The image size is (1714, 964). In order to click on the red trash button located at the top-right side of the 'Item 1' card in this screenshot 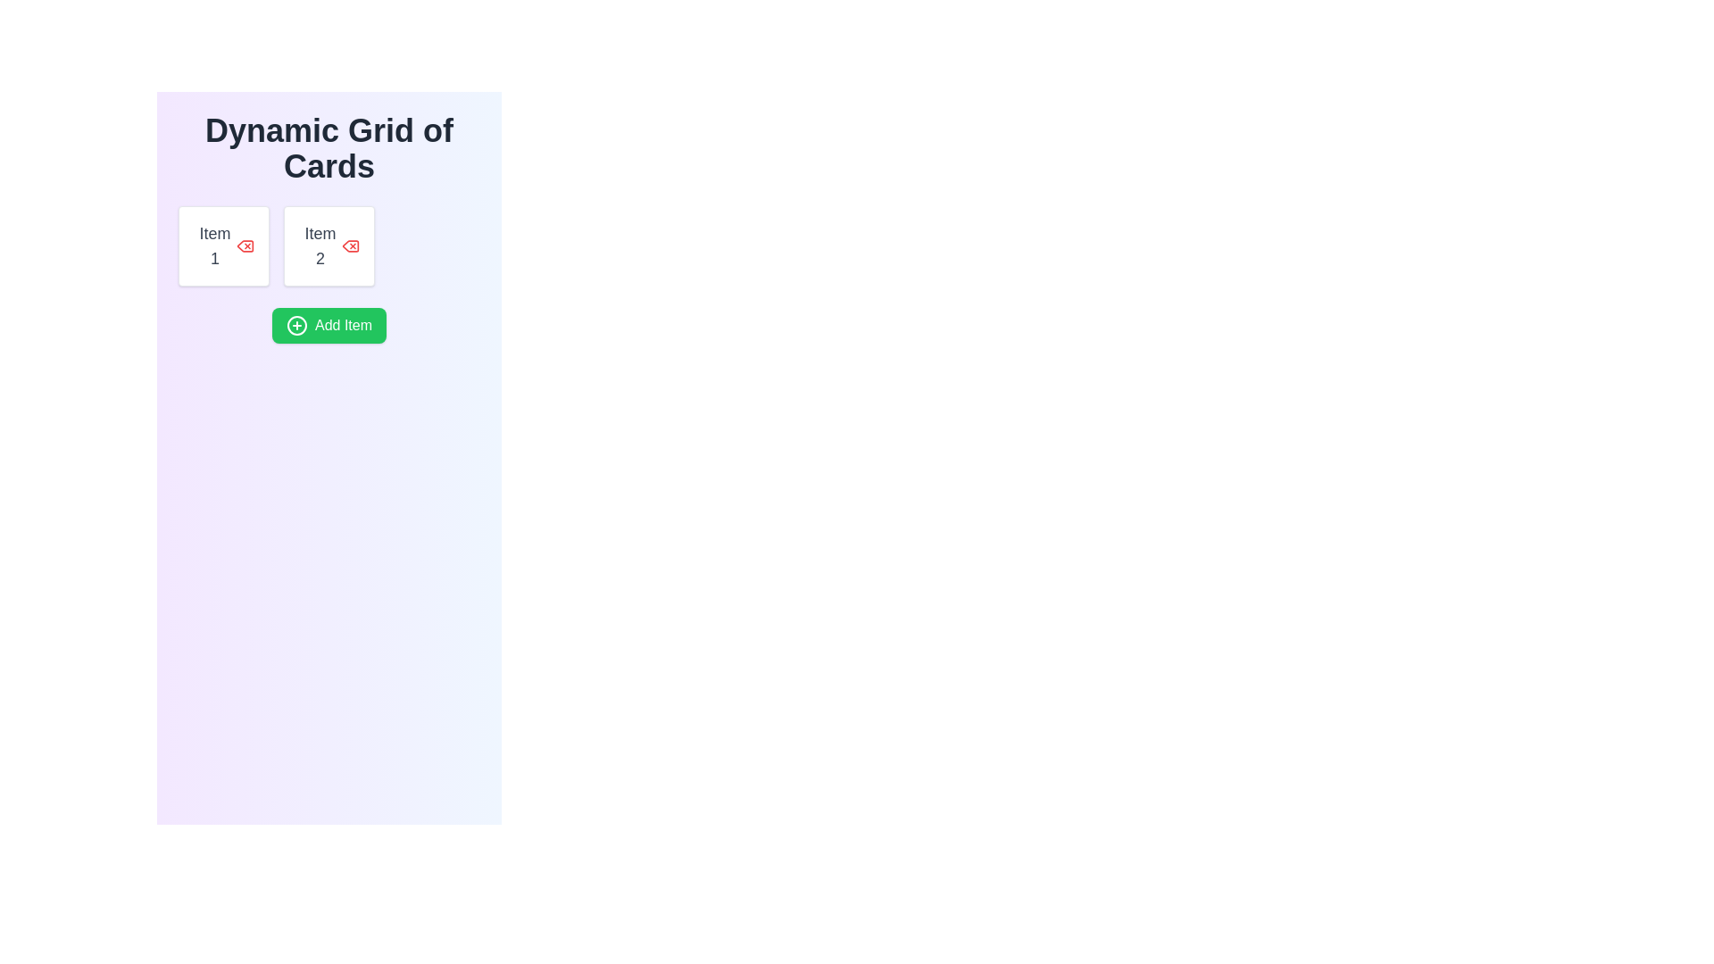, I will do `click(244, 246)`.